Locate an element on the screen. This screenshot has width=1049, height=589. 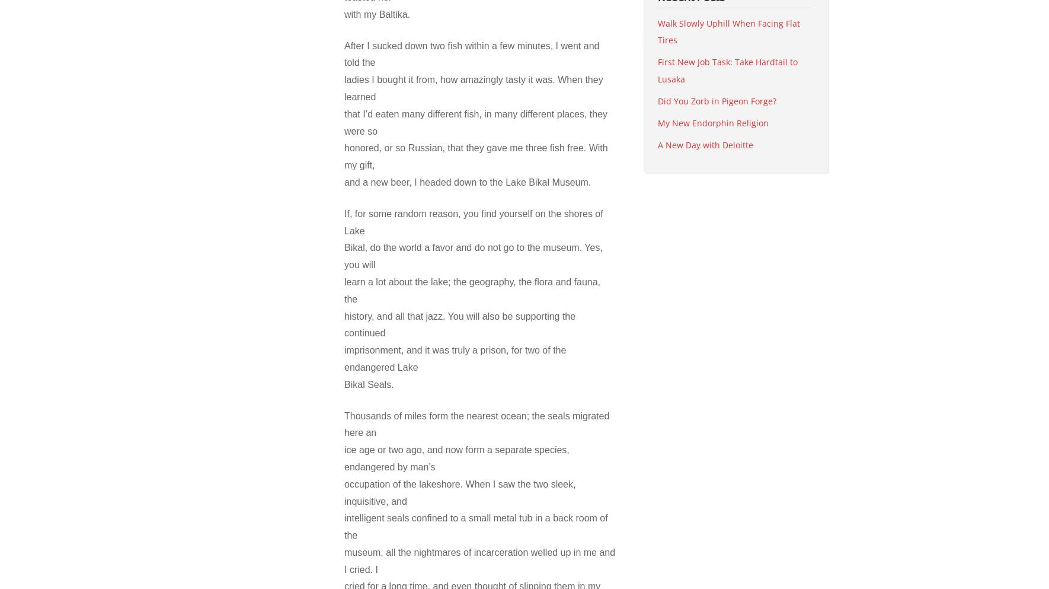
'history, and all that jazz. You will also be supporting the continued' is located at coordinates (459, 324).